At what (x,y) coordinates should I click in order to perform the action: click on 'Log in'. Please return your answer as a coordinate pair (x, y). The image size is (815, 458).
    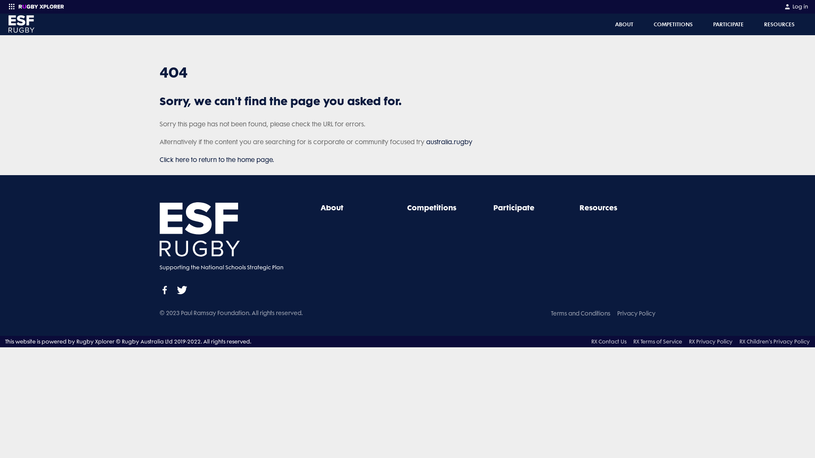
    Looking at the image, I should click on (795, 6).